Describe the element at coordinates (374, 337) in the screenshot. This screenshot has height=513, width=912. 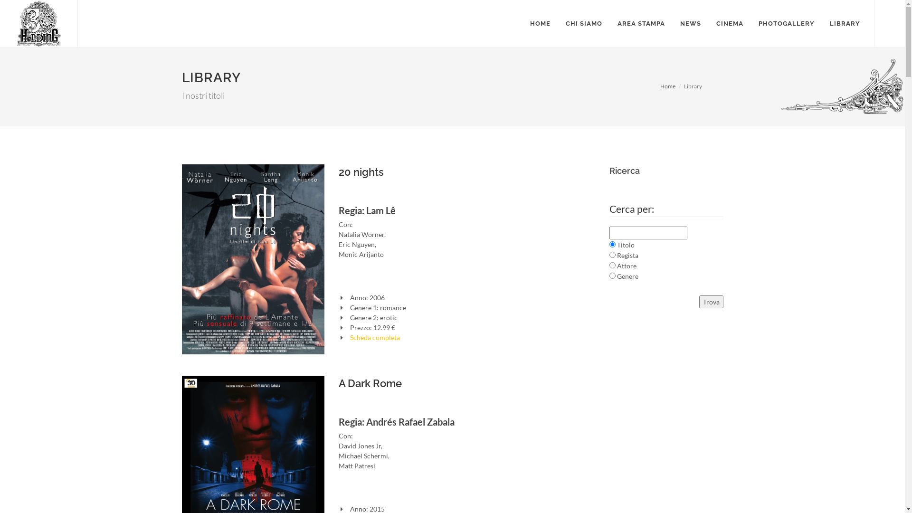
I see `'Scheda completa'` at that location.